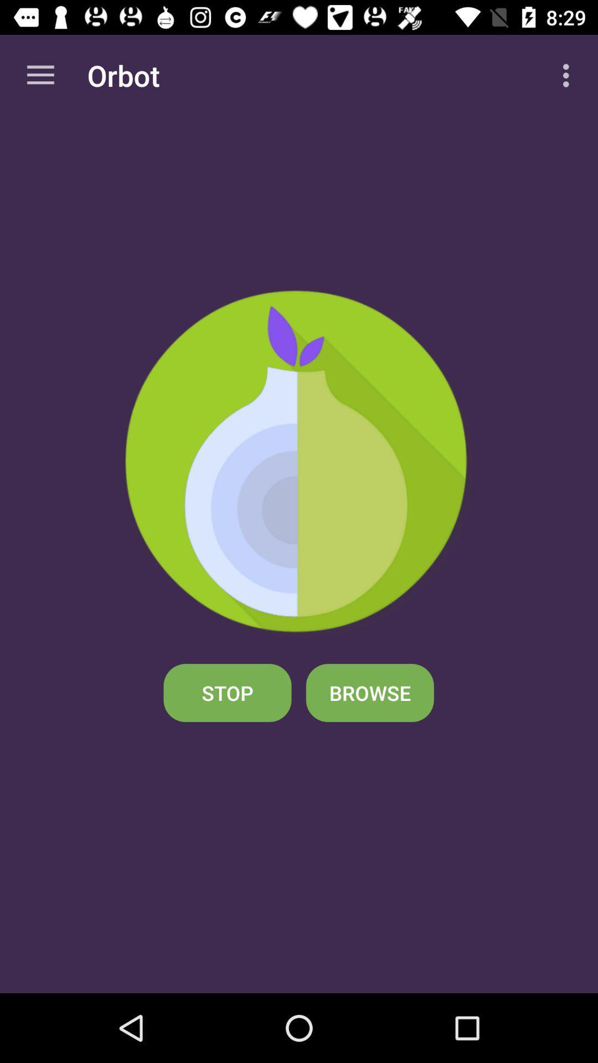  What do you see at coordinates (40, 75) in the screenshot?
I see `the app next to the orbot app` at bounding box center [40, 75].